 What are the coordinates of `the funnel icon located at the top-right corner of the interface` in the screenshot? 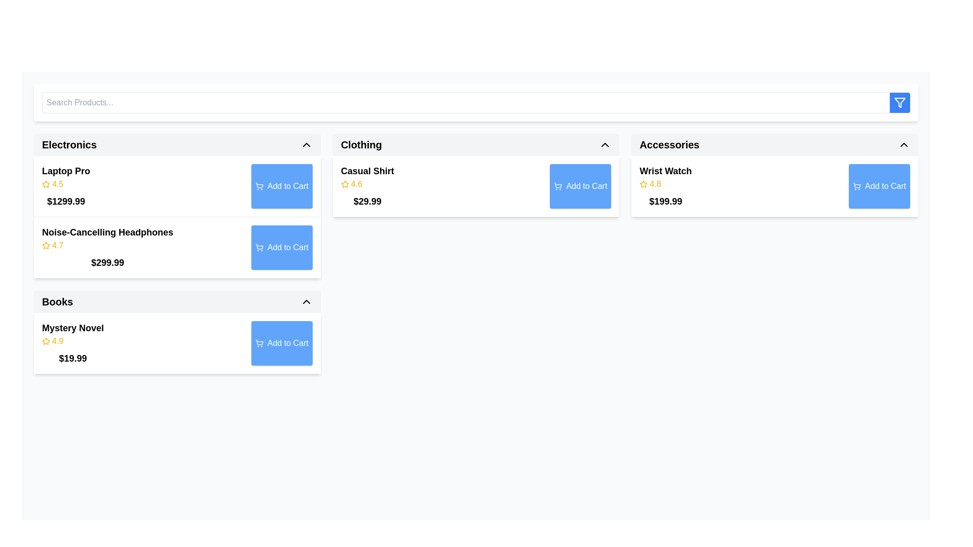 It's located at (900, 103).